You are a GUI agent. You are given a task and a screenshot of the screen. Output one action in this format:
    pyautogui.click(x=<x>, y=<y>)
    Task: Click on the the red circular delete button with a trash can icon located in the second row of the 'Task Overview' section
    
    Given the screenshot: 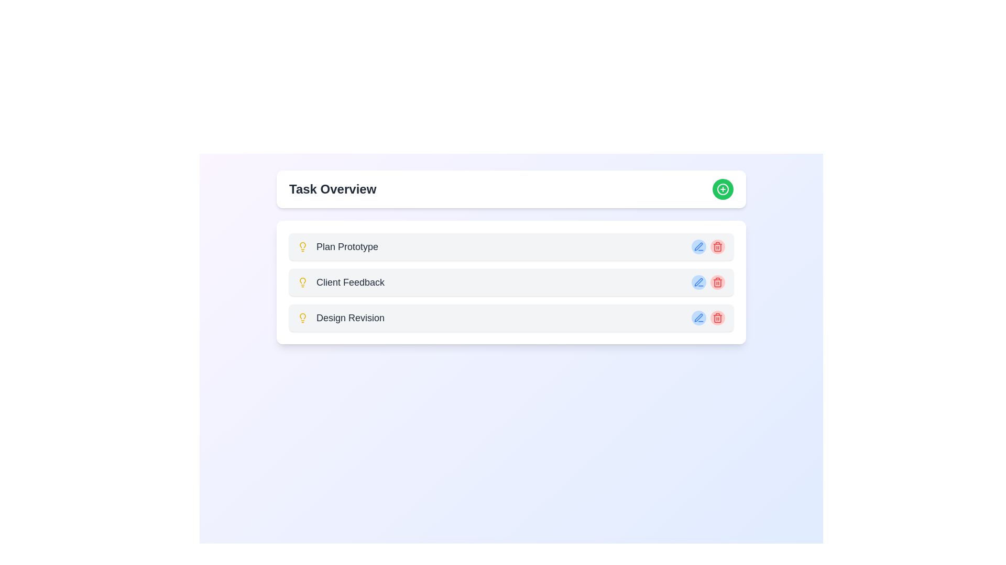 What is the action you would take?
    pyautogui.click(x=717, y=282)
    